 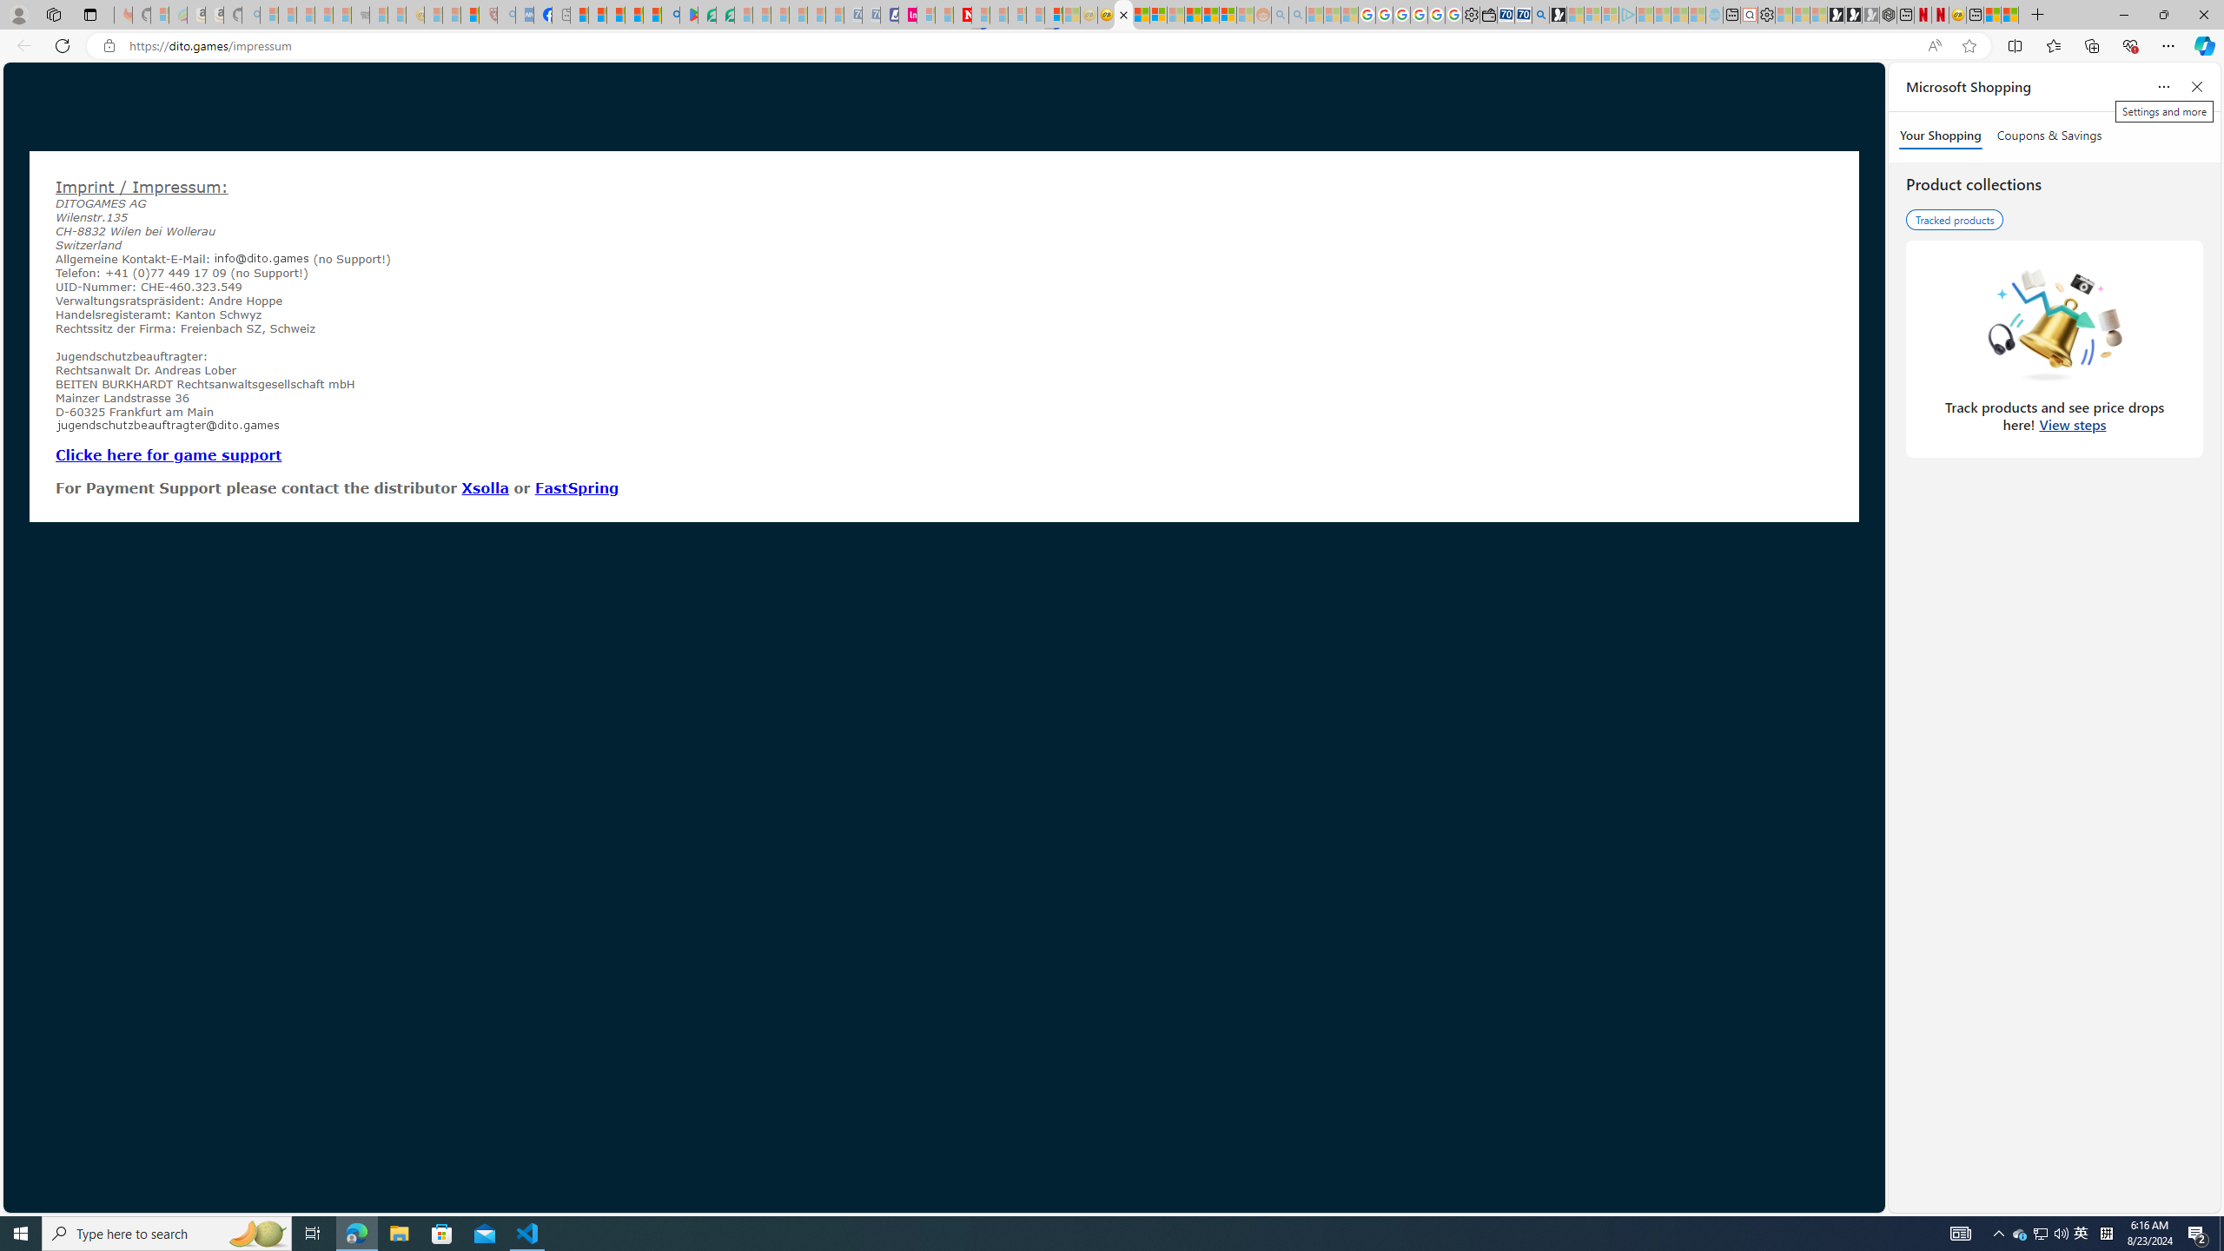 What do you see at coordinates (486, 14) in the screenshot?
I see `'Robert H. Shmerling, MD - Harvard Health - Sleeping'` at bounding box center [486, 14].